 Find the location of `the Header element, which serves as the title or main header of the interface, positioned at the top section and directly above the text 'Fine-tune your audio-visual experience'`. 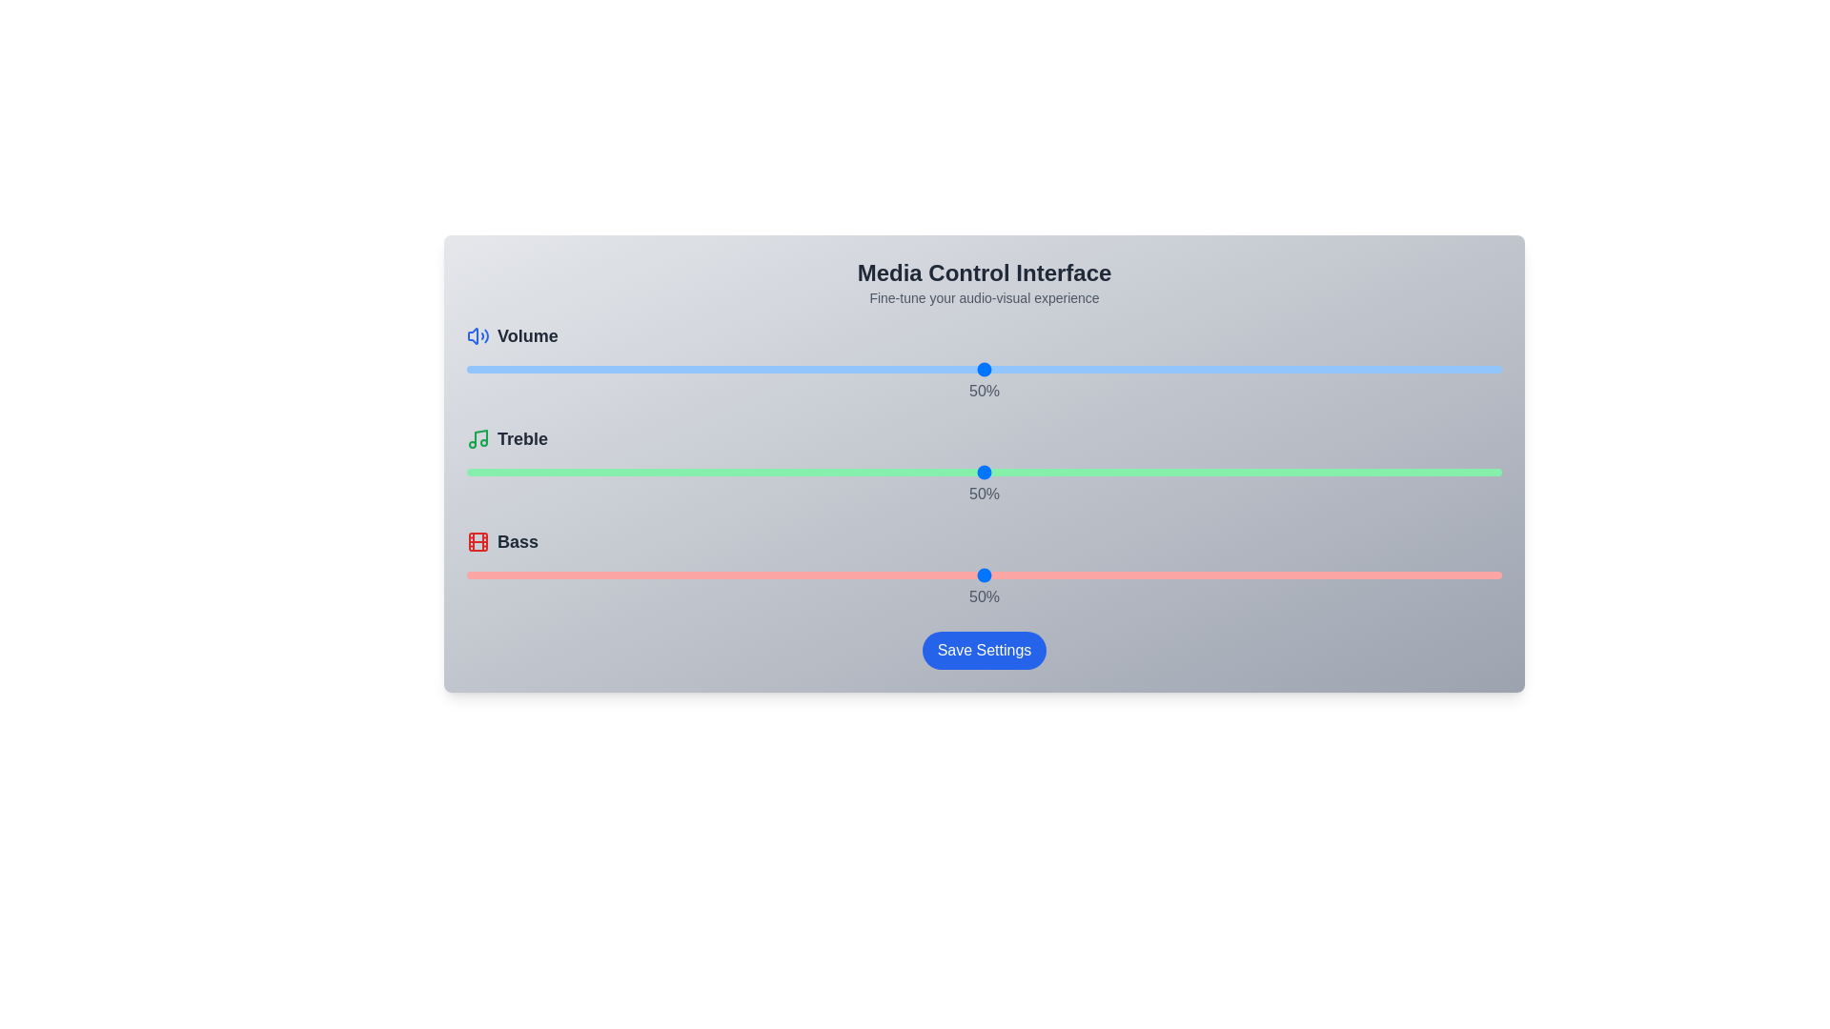

the Header element, which serves as the title or main header of the interface, positioned at the top section and directly above the text 'Fine-tune your audio-visual experience' is located at coordinates (984, 272).